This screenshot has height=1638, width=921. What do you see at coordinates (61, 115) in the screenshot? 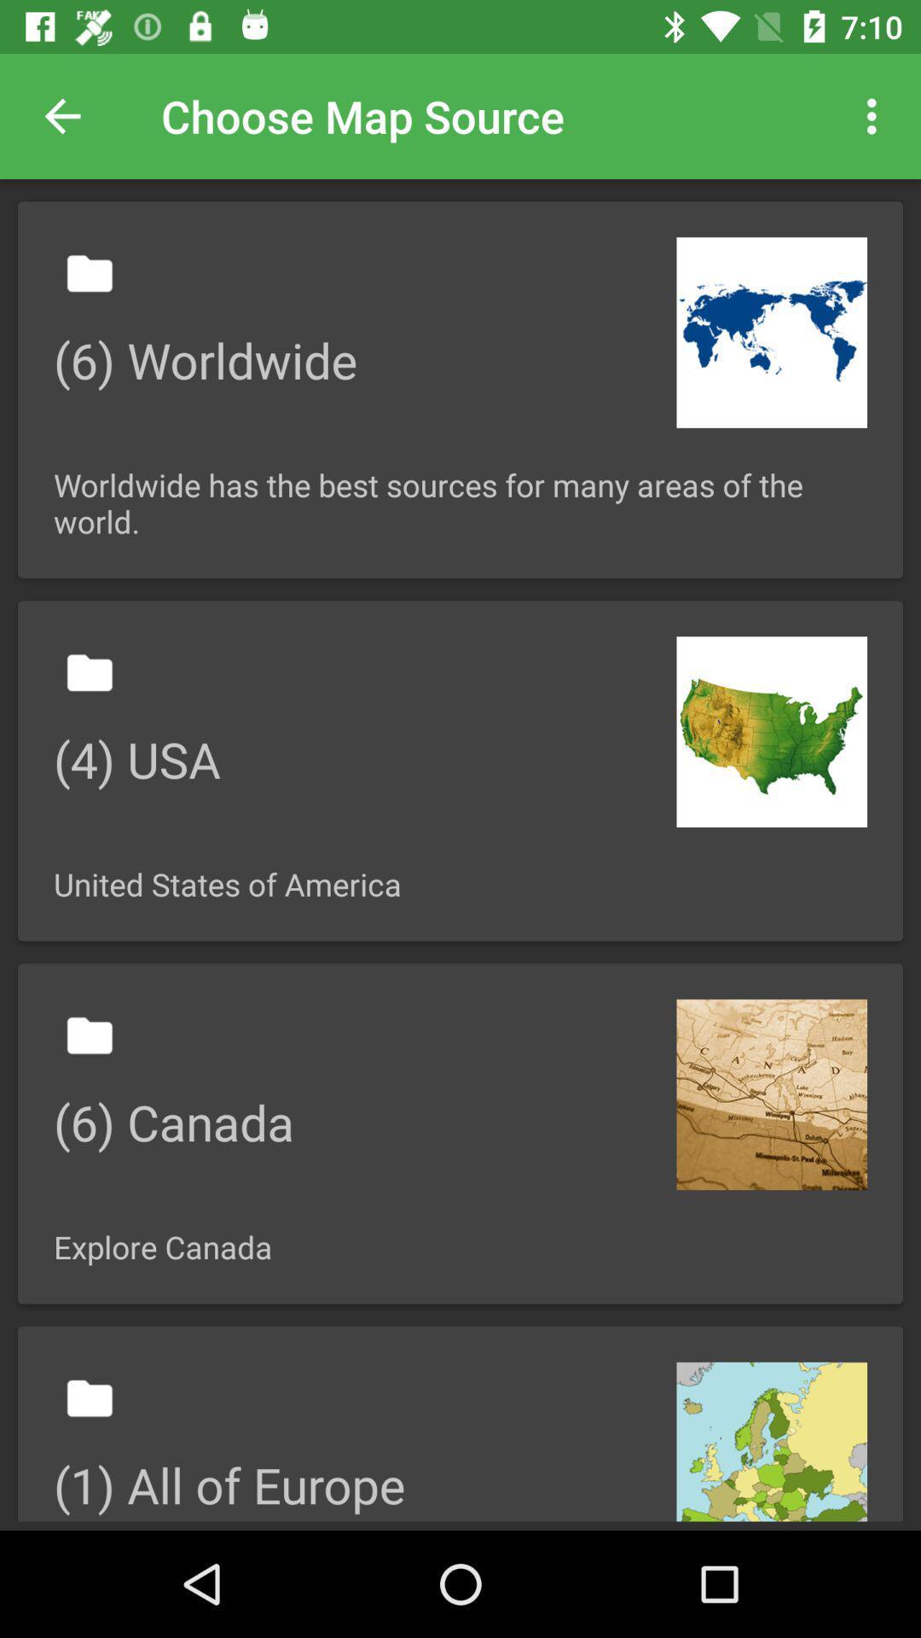
I see `the item to the left of choose map source item` at bounding box center [61, 115].